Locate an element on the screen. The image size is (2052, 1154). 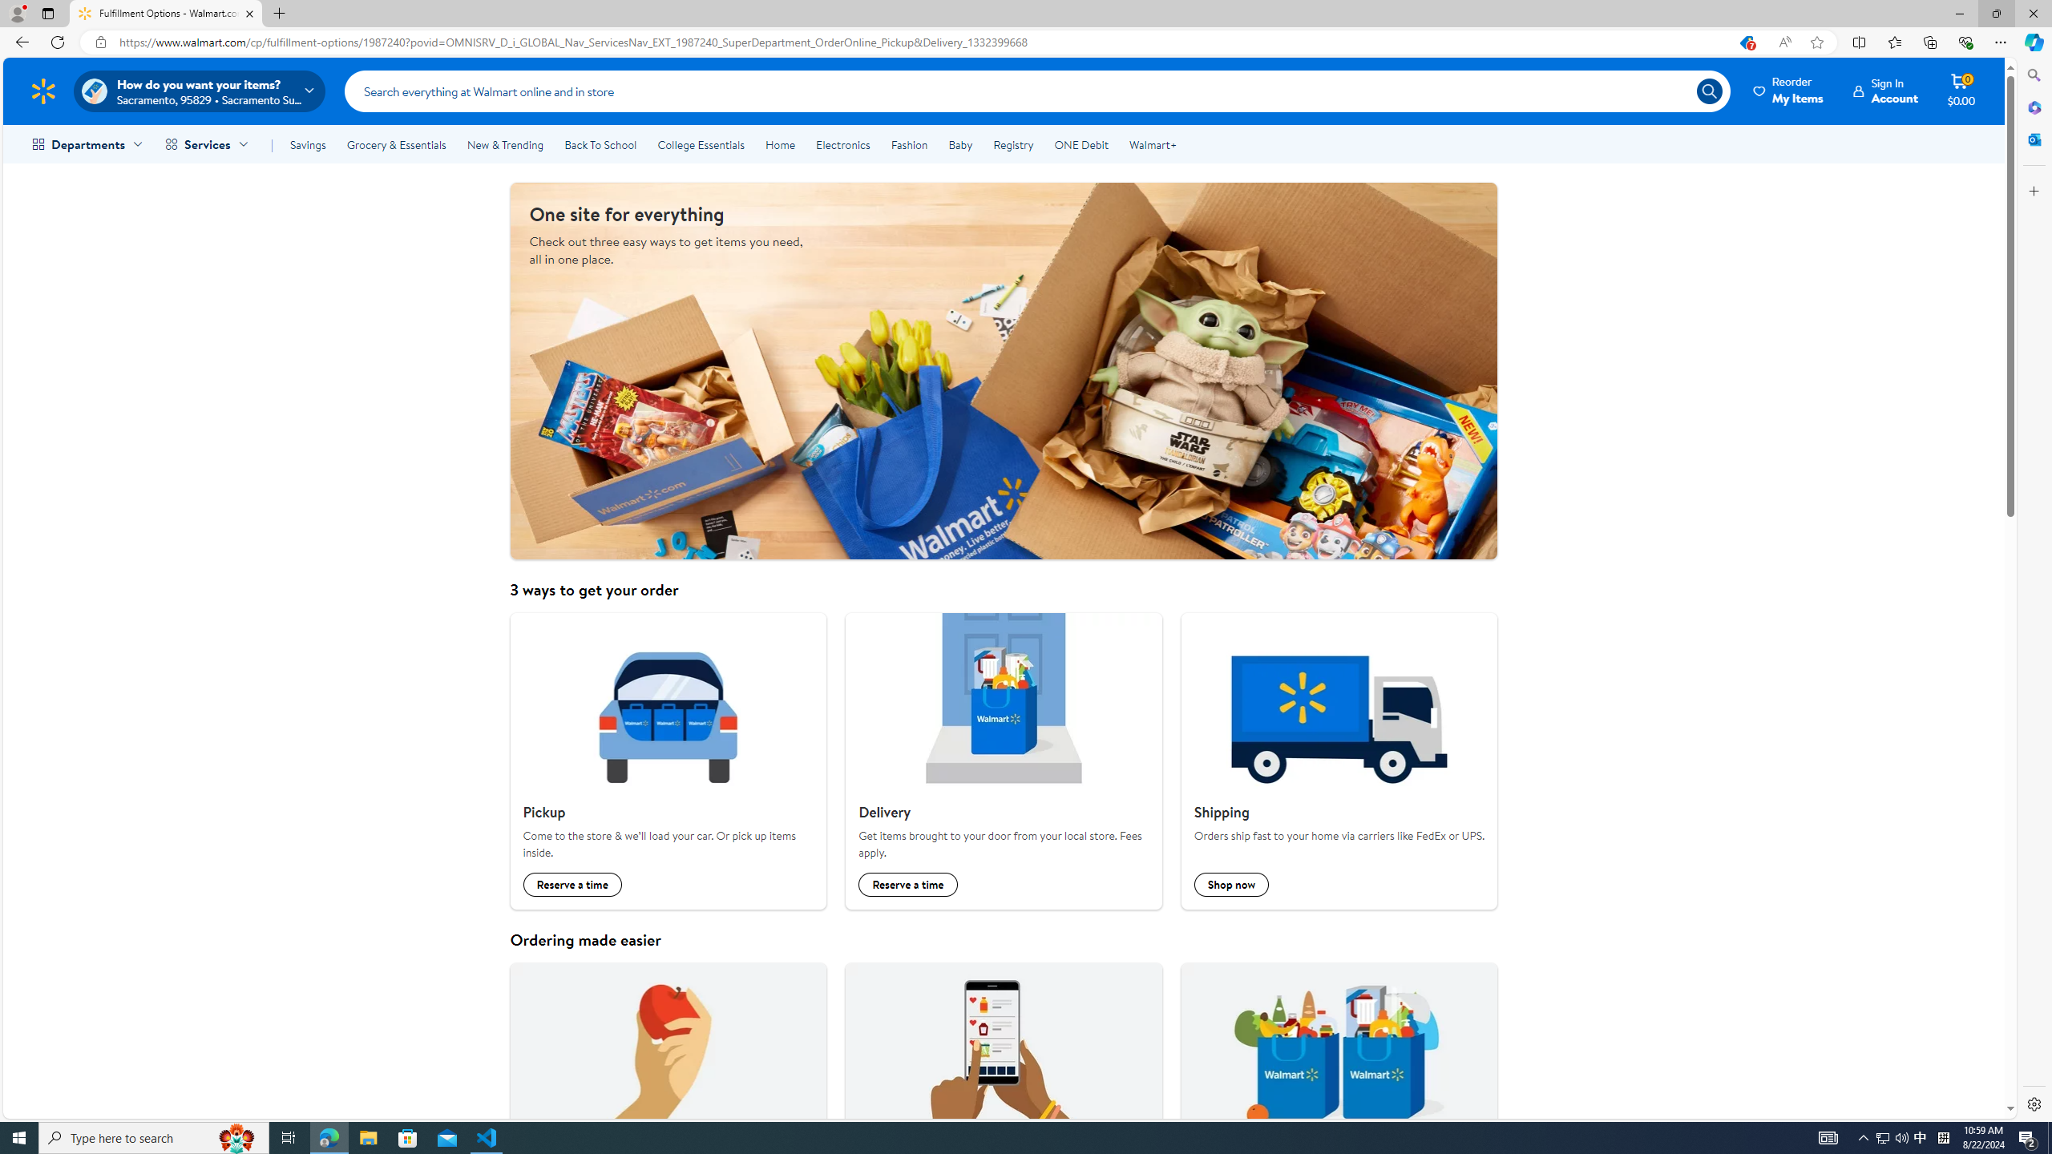
'Walmart Homepage' is located at coordinates (42, 90).